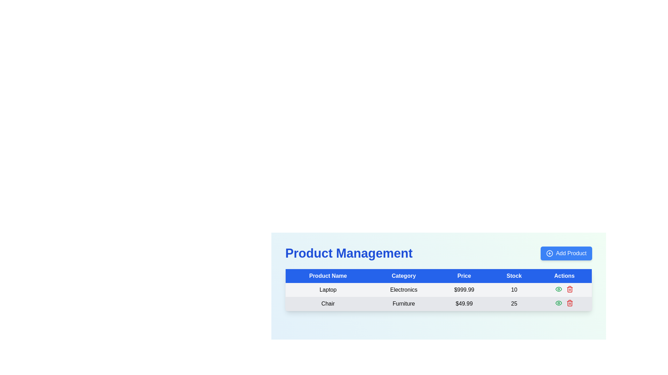 This screenshot has width=668, height=375. What do you see at coordinates (564, 275) in the screenshot?
I see `the rectangular button labeled 'Actions' with a solid blue background located in the table header row, positioned to the right of the 'Stock' column header` at bounding box center [564, 275].